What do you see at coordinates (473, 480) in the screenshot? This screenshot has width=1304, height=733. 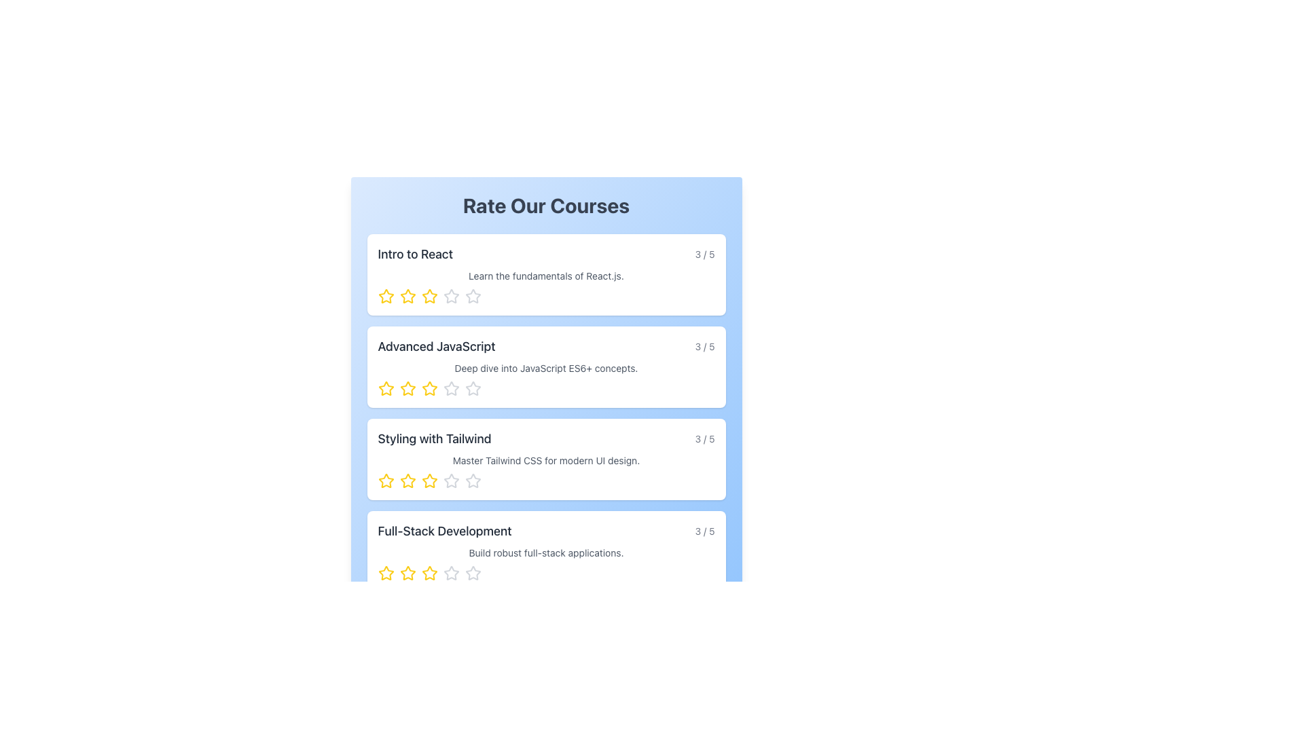 I see `the third star icon in the rating section of the 'Styling with Tailwind' course card to rate it` at bounding box center [473, 480].